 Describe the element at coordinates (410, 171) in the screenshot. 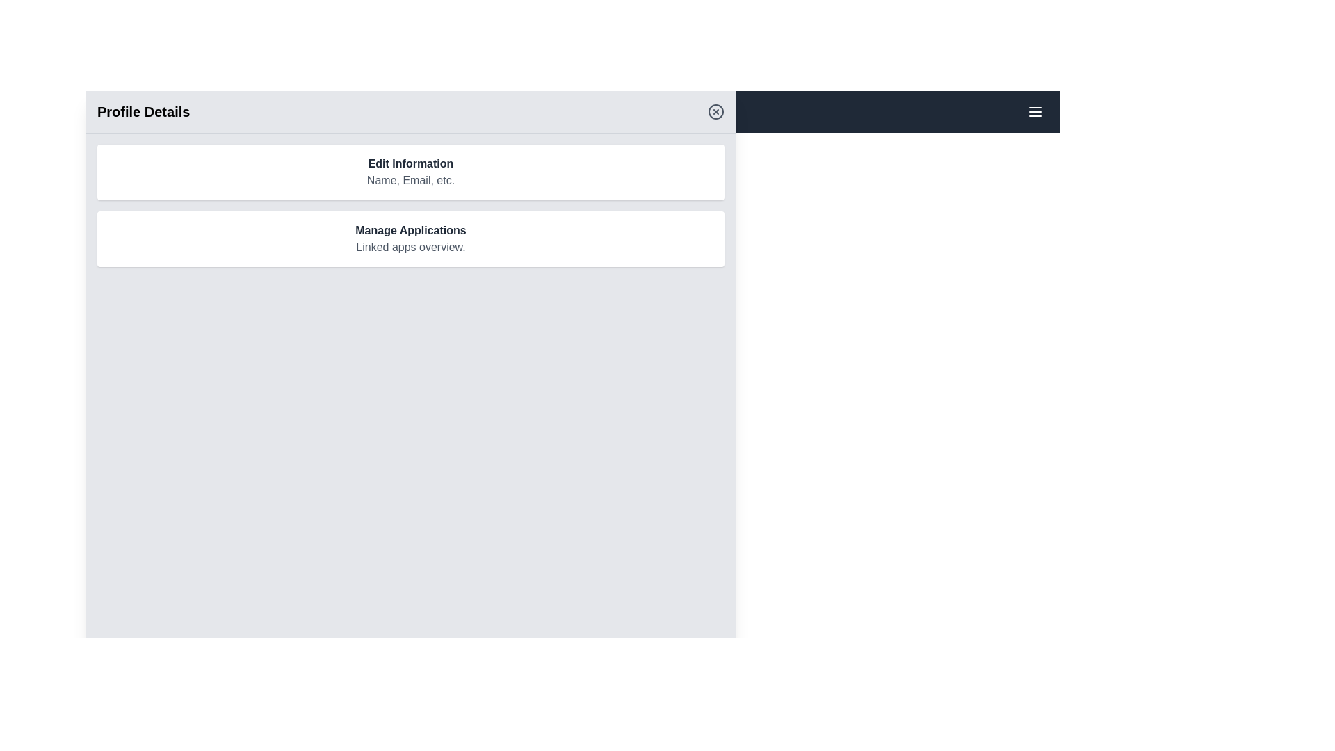

I see `the Information Card that displays 'Edit Information' in bold dark gray and contains 'Name, Email, etc.' below it` at that location.